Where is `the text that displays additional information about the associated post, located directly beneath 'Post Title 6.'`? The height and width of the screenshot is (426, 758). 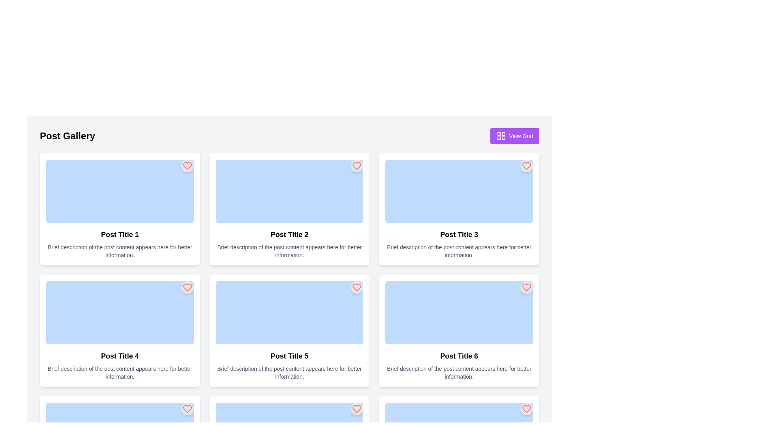
the text that displays additional information about the associated post, located directly beneath 'Post Title 6.' is located at coordinates (459, 373).